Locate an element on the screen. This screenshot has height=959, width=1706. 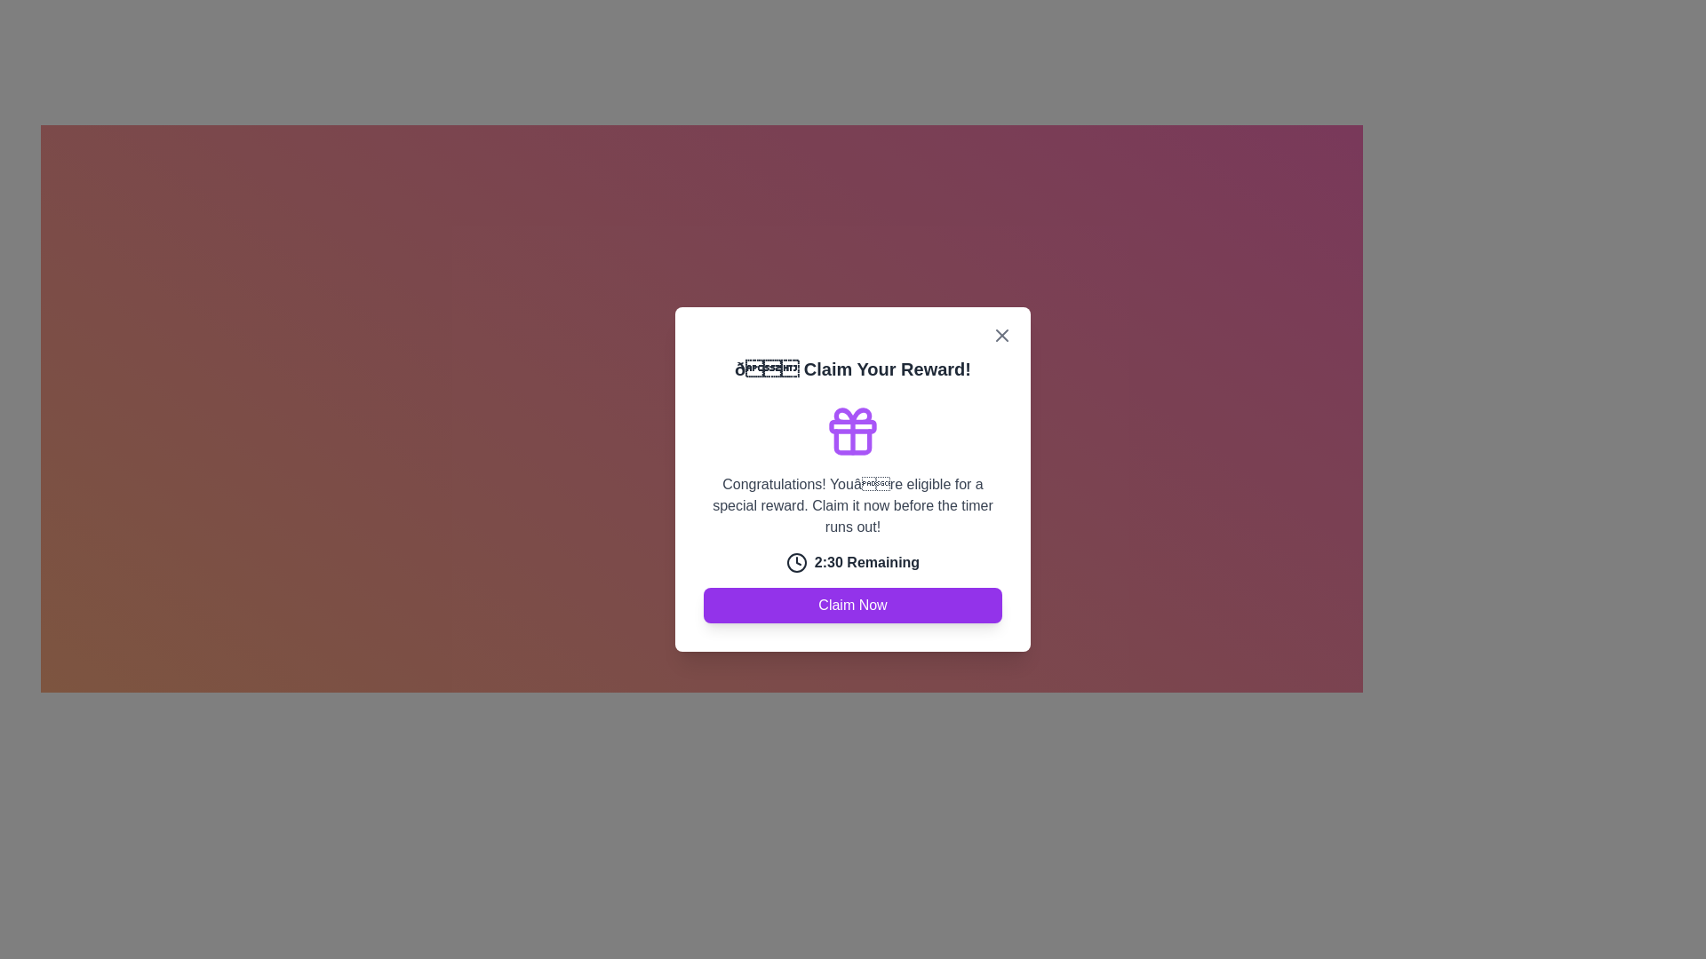
the Decorative Icon located centrally in the modal dialog box, positioned below the 'Claim Your Reward!' header and above the descriptive text and countdown timer is located at coordinates (853, 440).